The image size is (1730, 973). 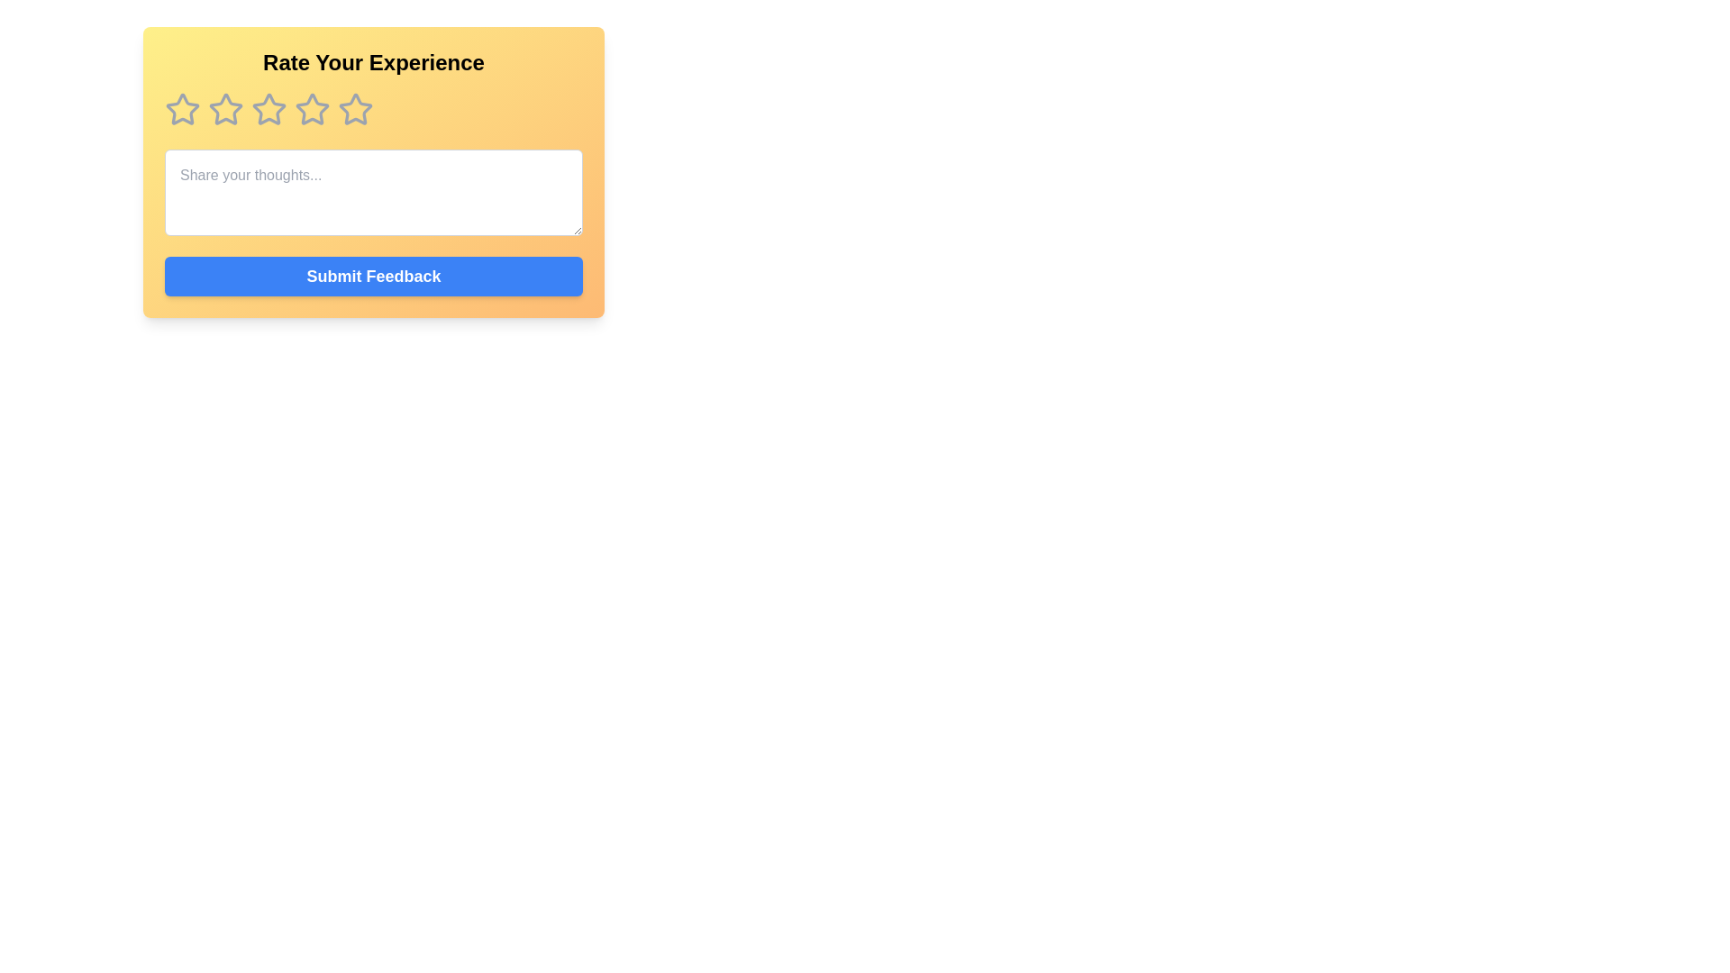 What do you see at coordinates (182, 109) in the screenshot?
I see `the first star icon in the rating mechanism` at bounding box center [182, 109].